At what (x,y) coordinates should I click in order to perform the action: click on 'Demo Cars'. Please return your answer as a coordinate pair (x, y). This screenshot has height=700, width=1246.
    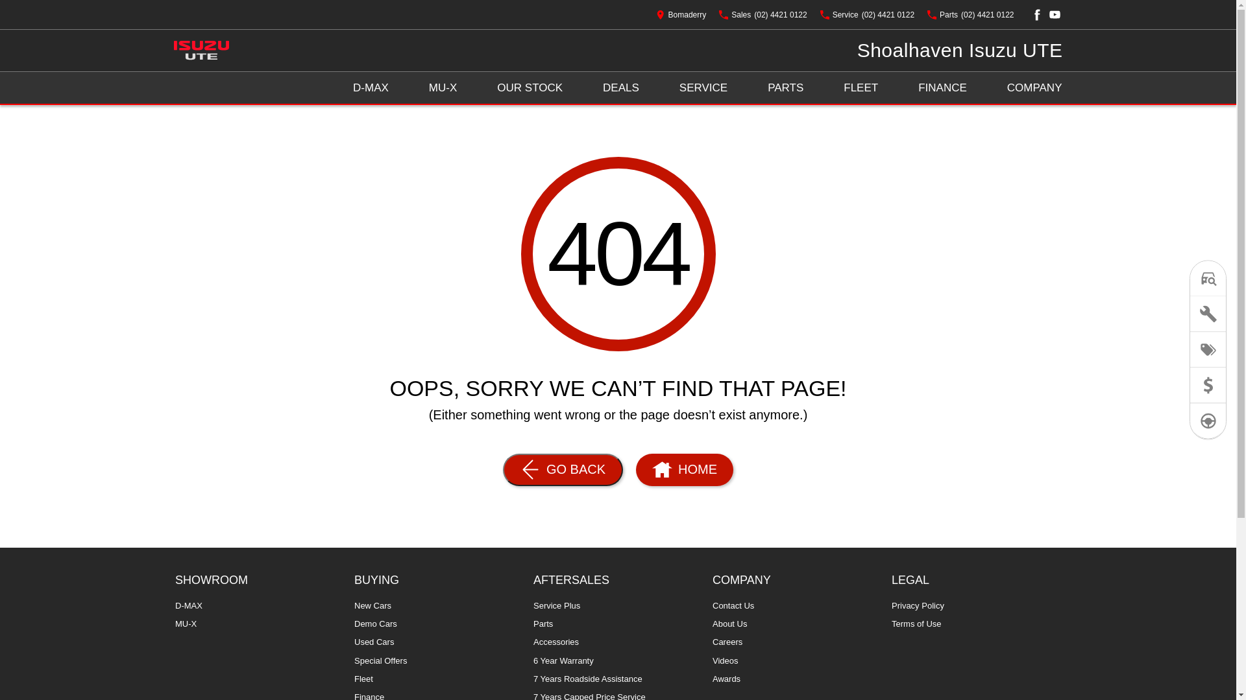
    Looking at the image, I should click on (375, 627).